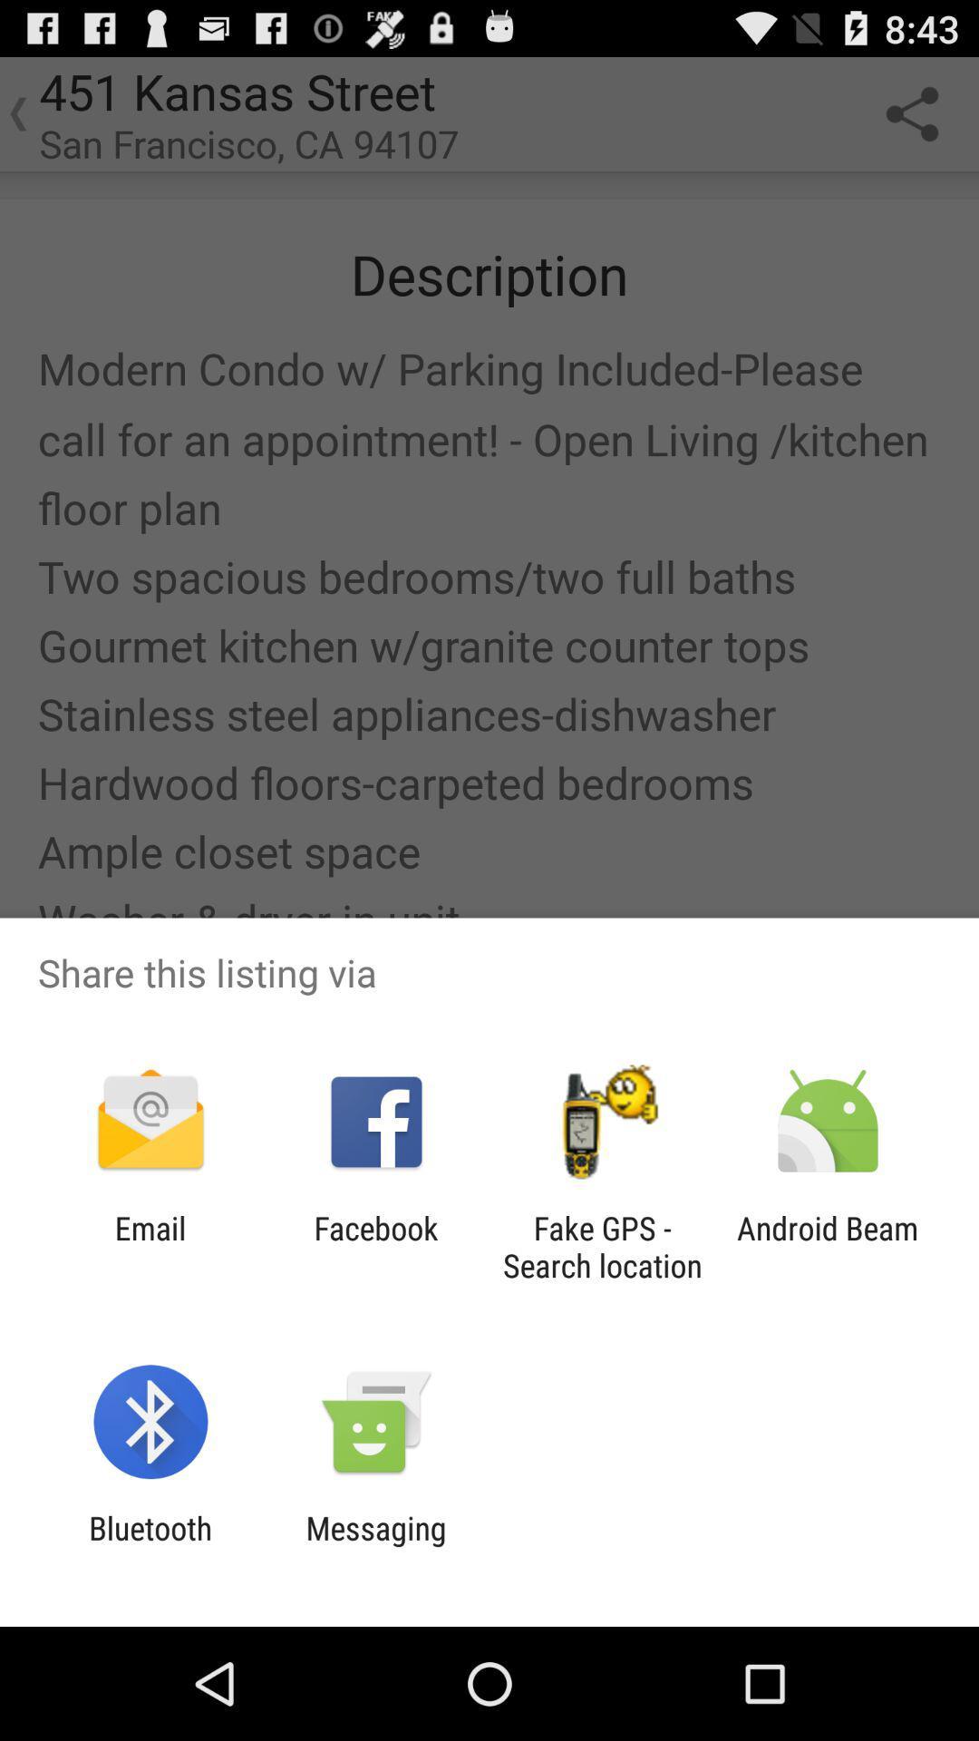 This screenshot has height=1741, width=979. What do you see at coordinates (375, 1546) in the screenshot?
I see `the messaging item` at bounding box center [375, 1546].